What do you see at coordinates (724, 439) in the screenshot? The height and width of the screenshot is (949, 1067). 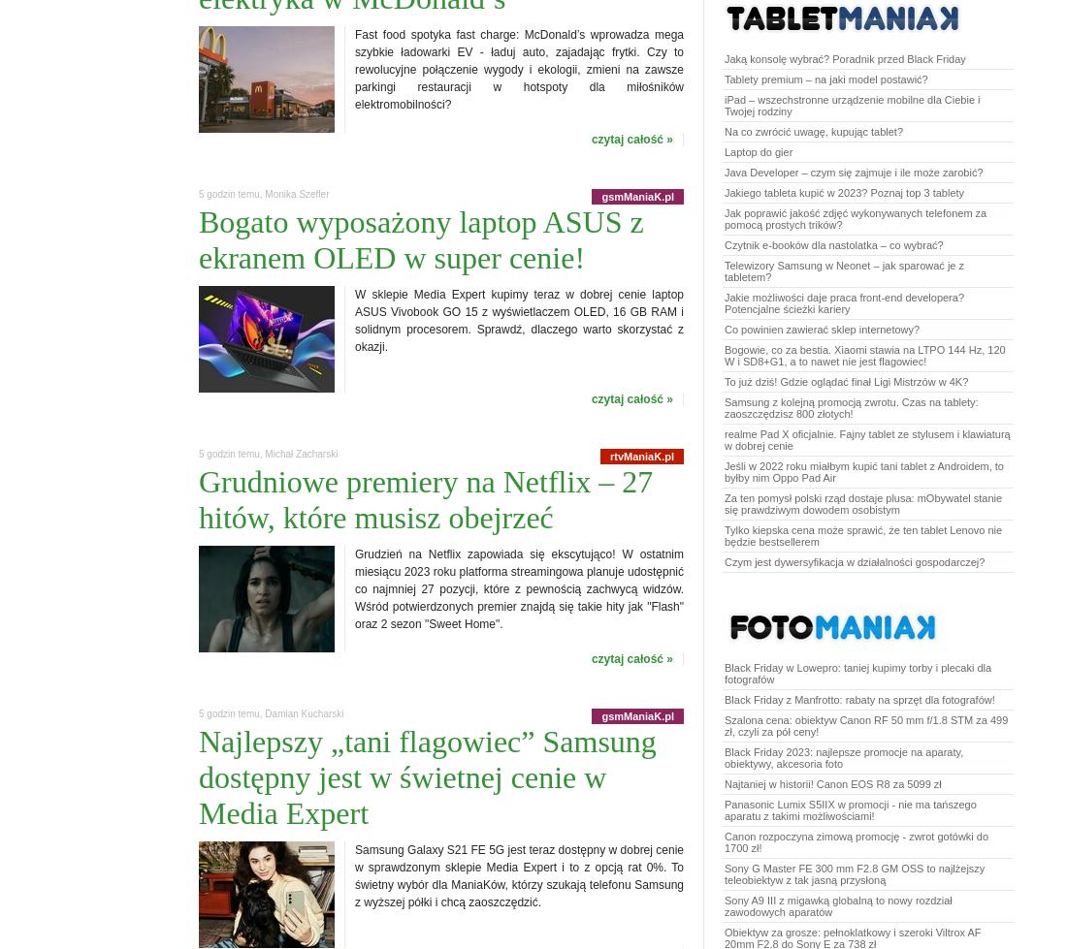 I see `'realme Pad X oficjalnie. Fajny tablet ze stylusem i klawiaturą w dobrej cenie'` at bounding box center [724, 439].